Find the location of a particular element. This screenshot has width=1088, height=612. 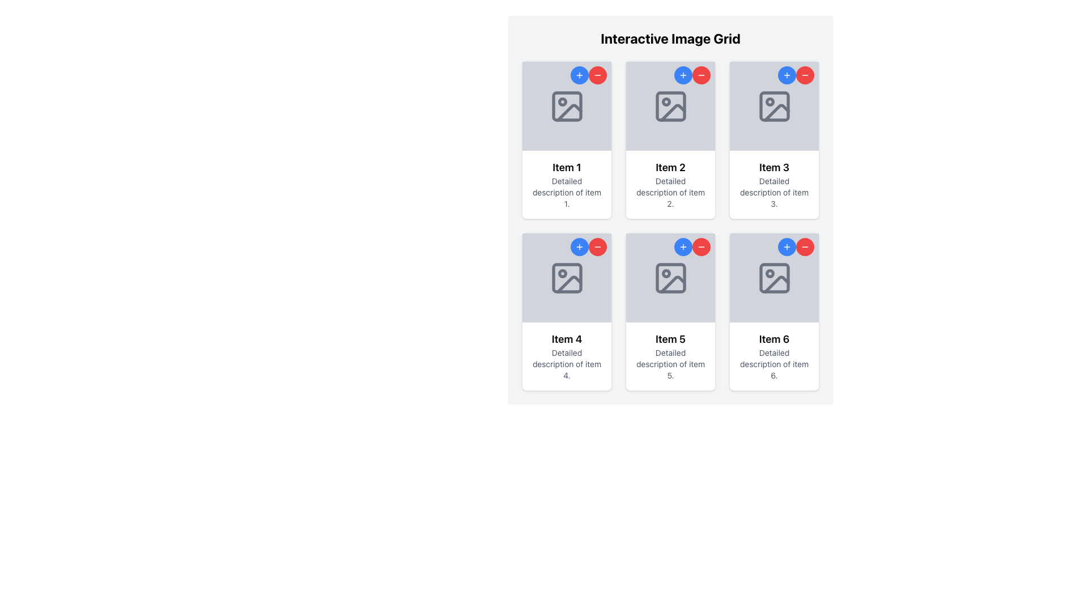

the circular button with a blue background and white plus sign symbol located in the top right corner of the first item's card is located at coordinates (579, 75).